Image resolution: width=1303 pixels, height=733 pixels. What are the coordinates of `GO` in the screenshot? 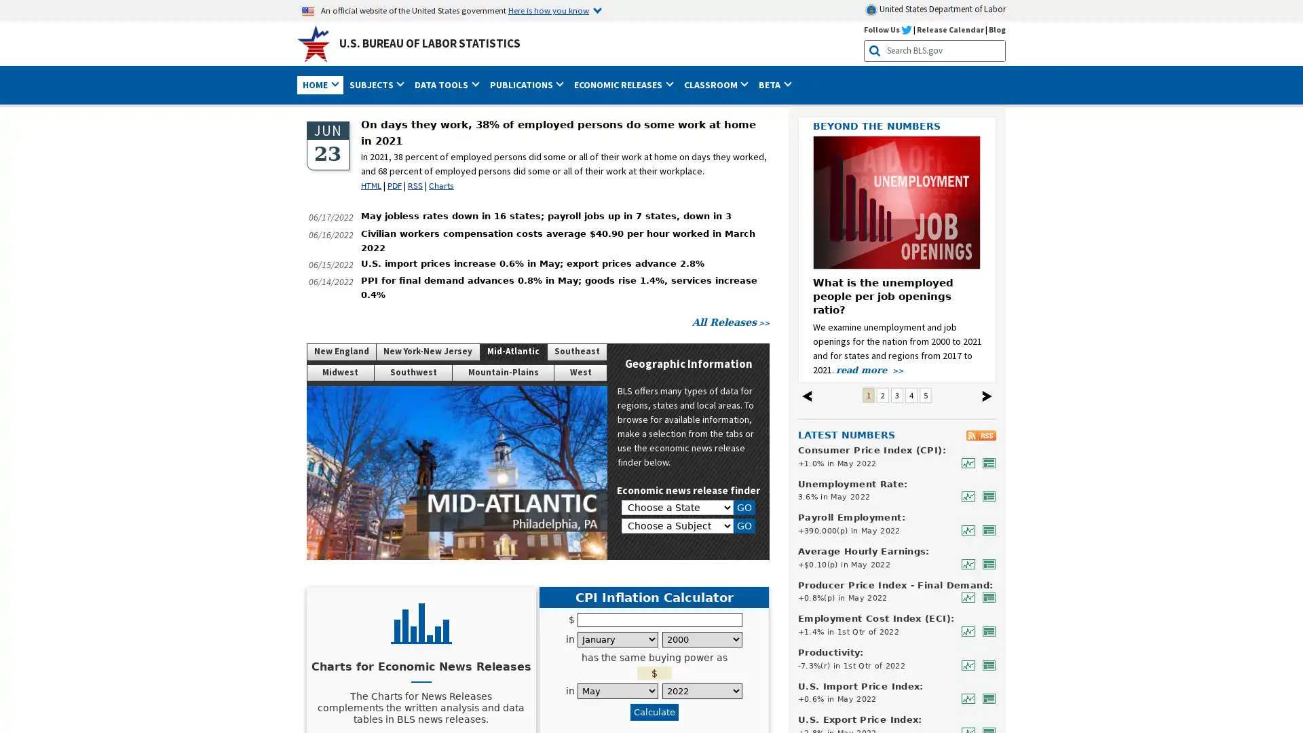 It's located at (744, 508).